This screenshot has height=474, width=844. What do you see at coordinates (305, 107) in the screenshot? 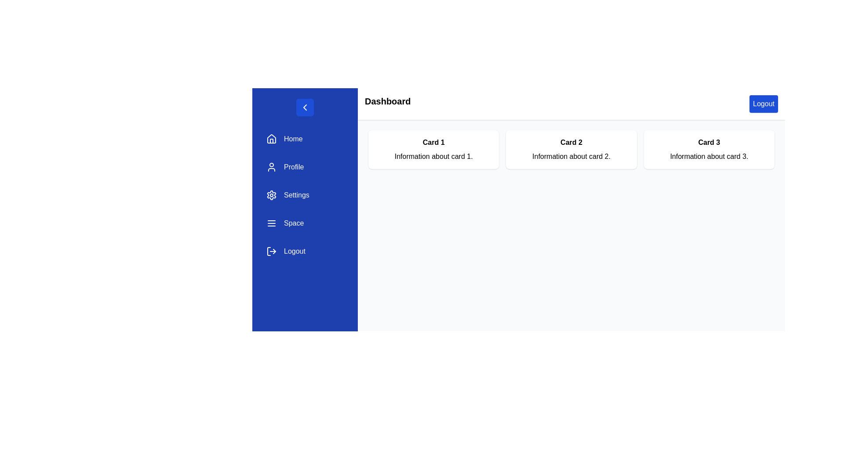
I see `the right-pointing arrow icon located in the sidebar menu area to possibly trigger a tooltip or visual effect` at bounding box center [305, 107].